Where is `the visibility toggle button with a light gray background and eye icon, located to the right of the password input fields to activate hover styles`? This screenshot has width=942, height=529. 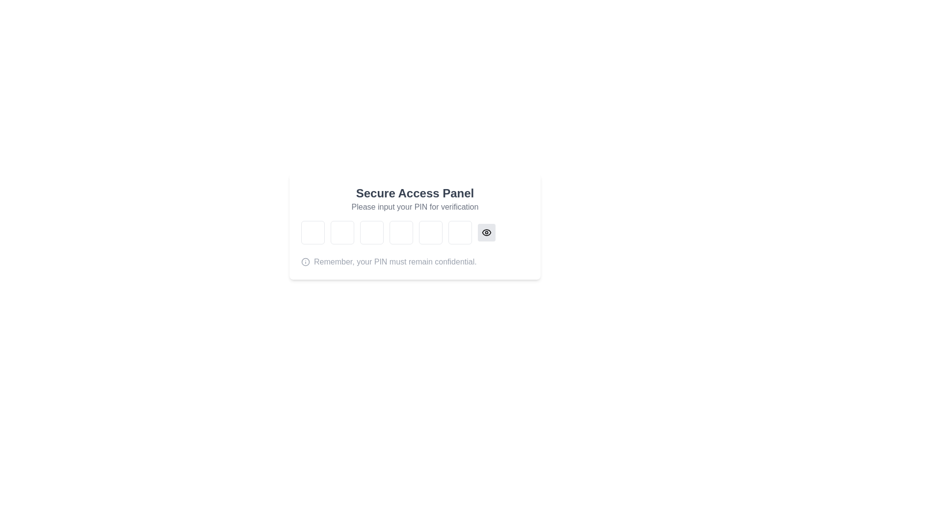 the visibility toggle button with a light gray background and eye icon, located to the right of the password input fields to activate hover styles is located at coordinates (487, 232).